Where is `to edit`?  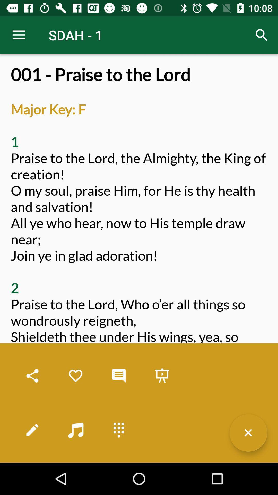 to edit is located at coordinates (32, 430).